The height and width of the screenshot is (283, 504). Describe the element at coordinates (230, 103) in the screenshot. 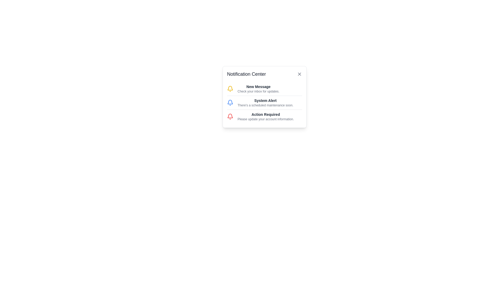

I see `the 'System Alert' icon located on the left side of the notification row, which highlights this specific notification type` at that location.